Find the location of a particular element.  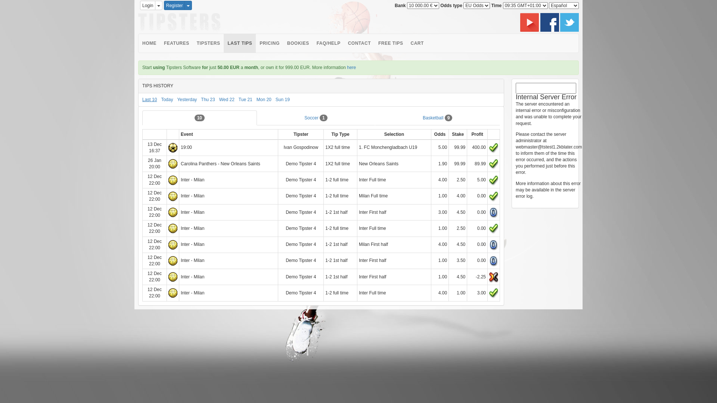

'Tue 21' is located at coordinates (245, 99).